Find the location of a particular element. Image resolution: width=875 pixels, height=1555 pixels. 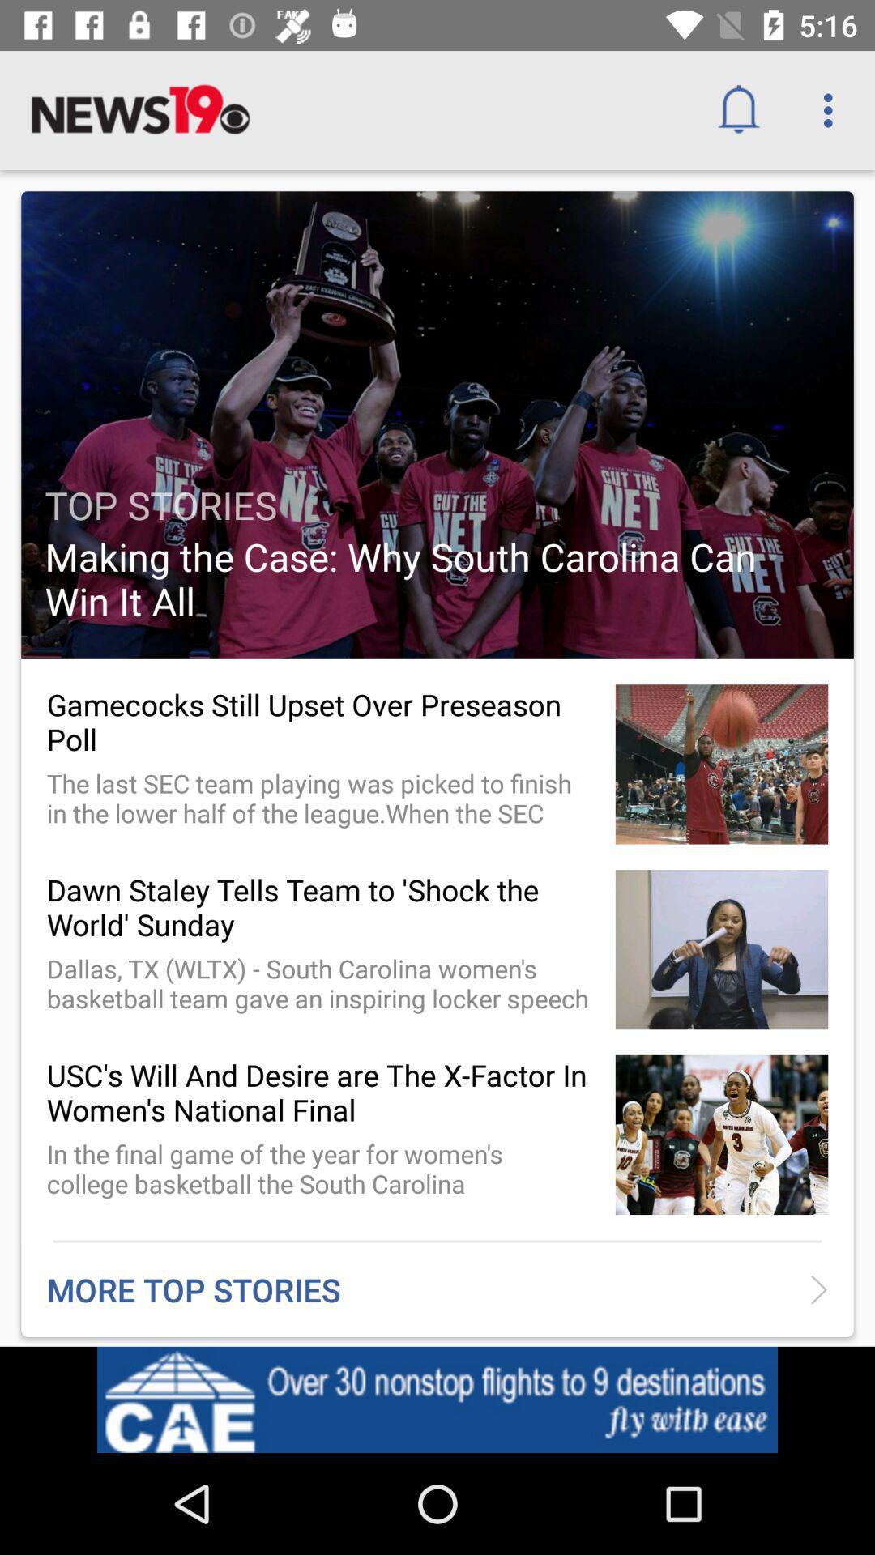

the icon below more top stories item is located at coordinates (437, 1399).